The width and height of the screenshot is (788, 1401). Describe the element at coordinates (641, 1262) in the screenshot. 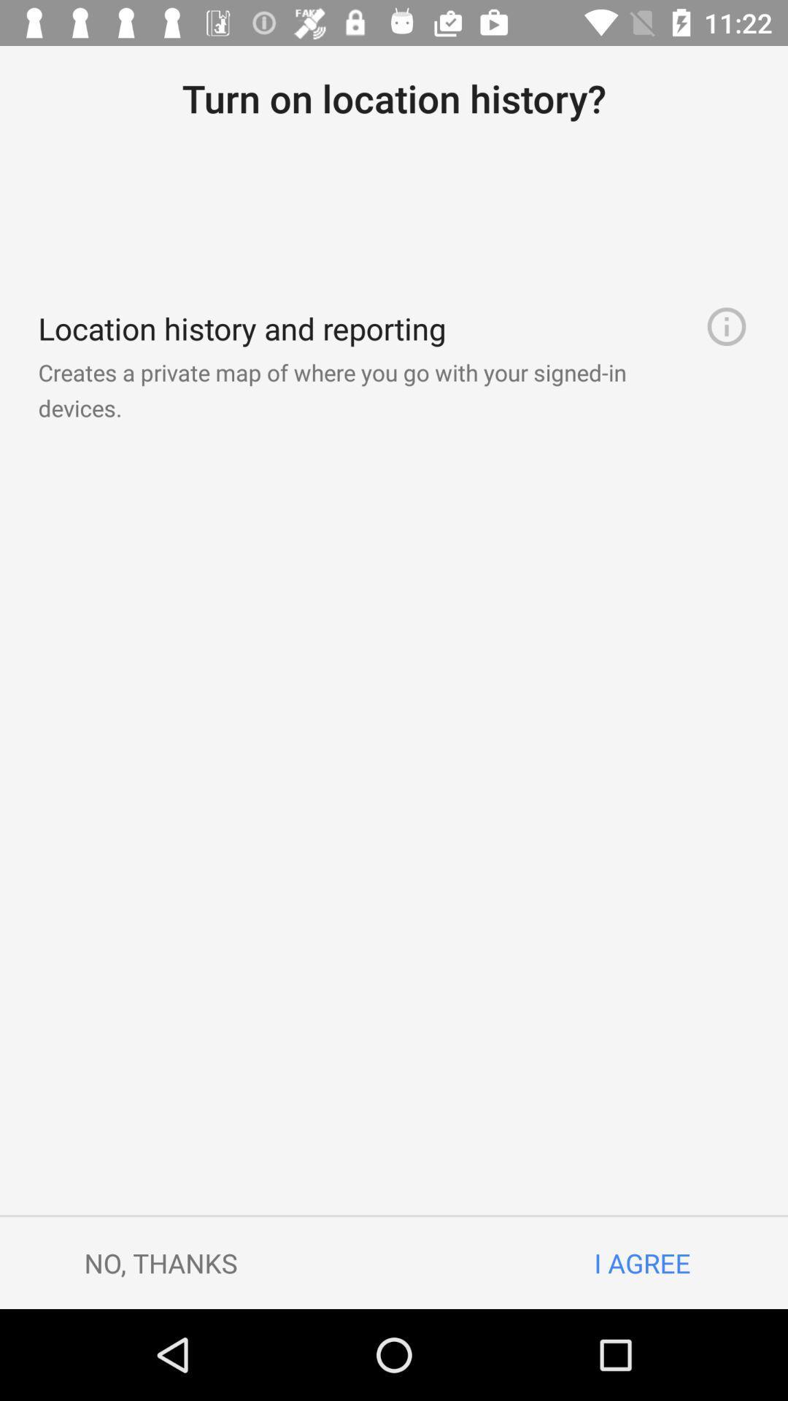

I see `i agree item` at that location.